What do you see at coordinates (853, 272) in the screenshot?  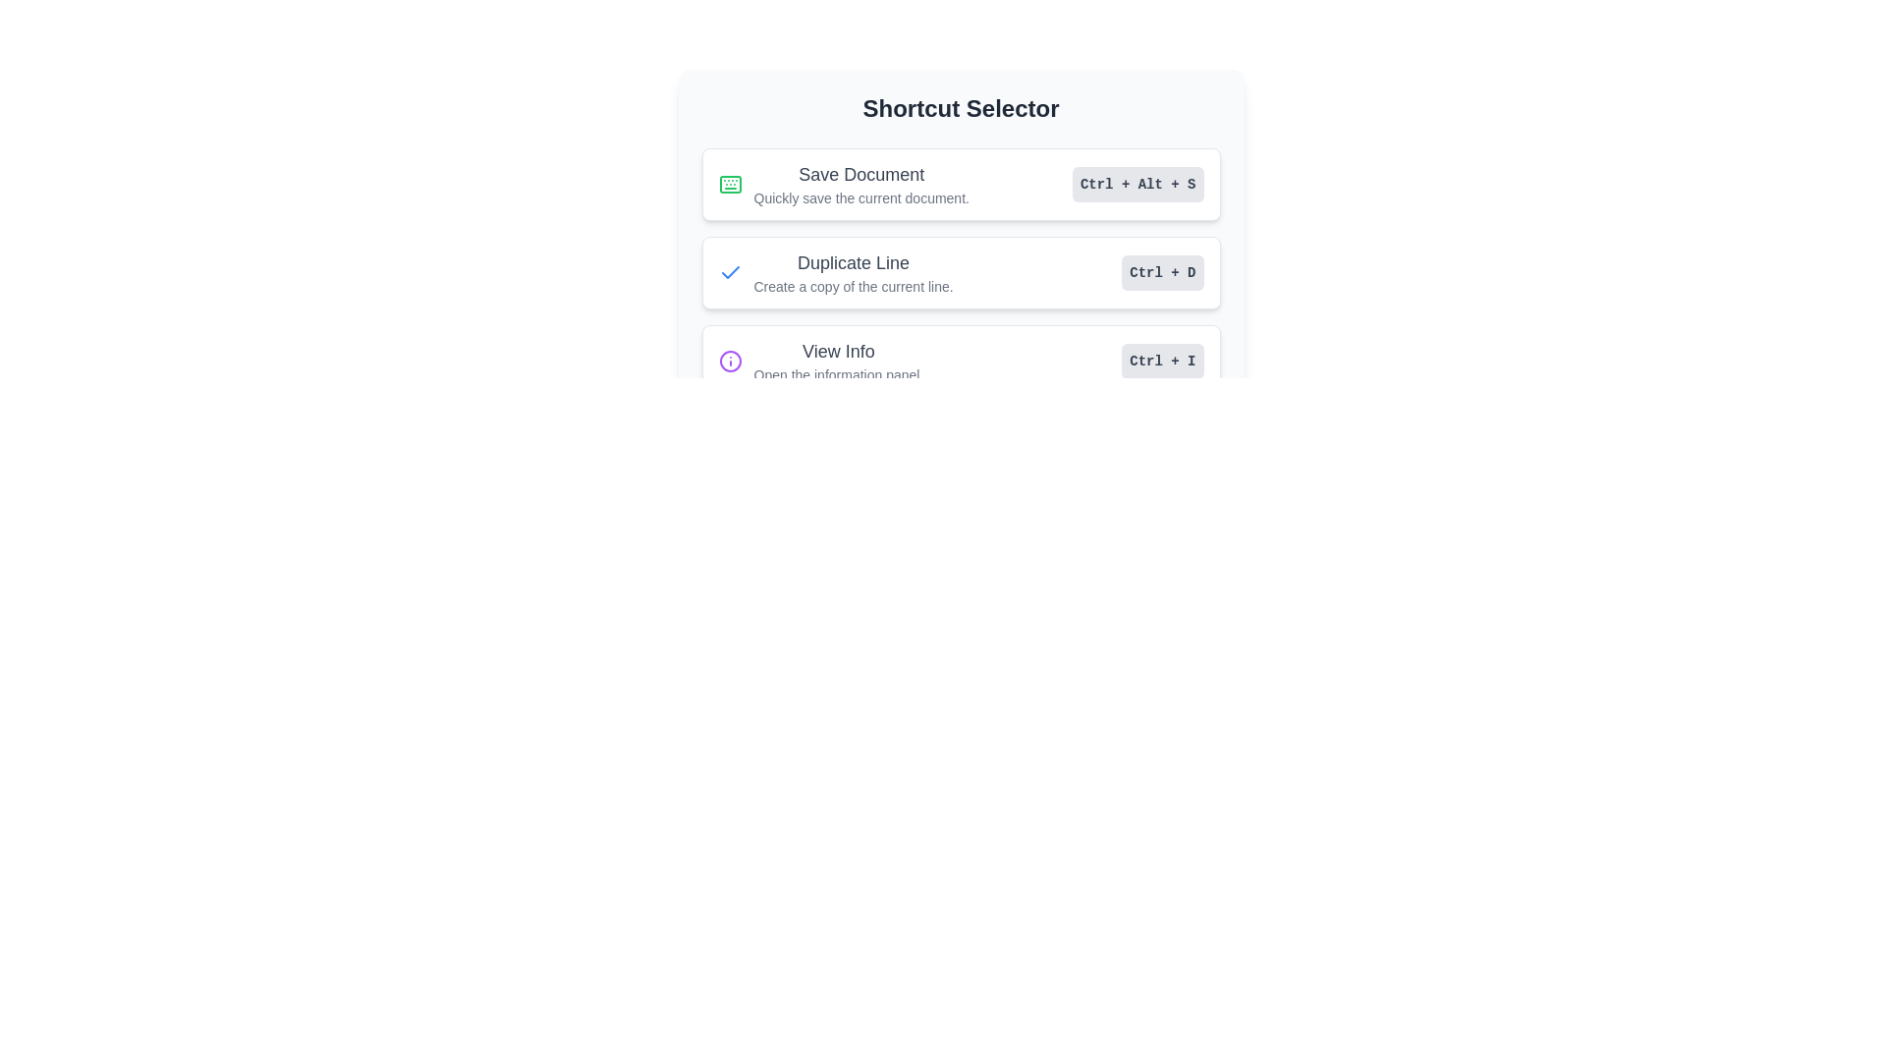 I see `text content of the label that states 'Duplicate Line' with the subtitle 'Create a copy of the current line.' This label is located in the middle panel, below 'Save Document' and above 'View Info.'` at bounding box center [853, 272].